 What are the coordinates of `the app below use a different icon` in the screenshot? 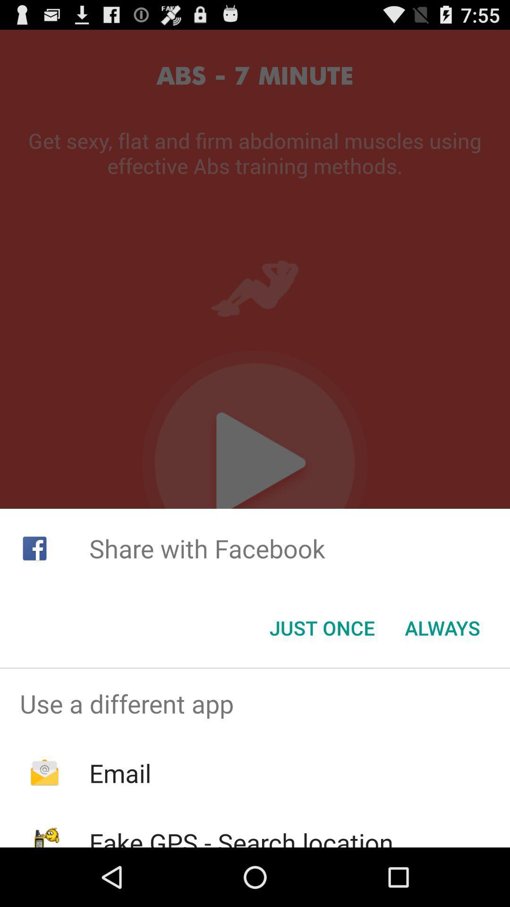 It's located at (119, 773).